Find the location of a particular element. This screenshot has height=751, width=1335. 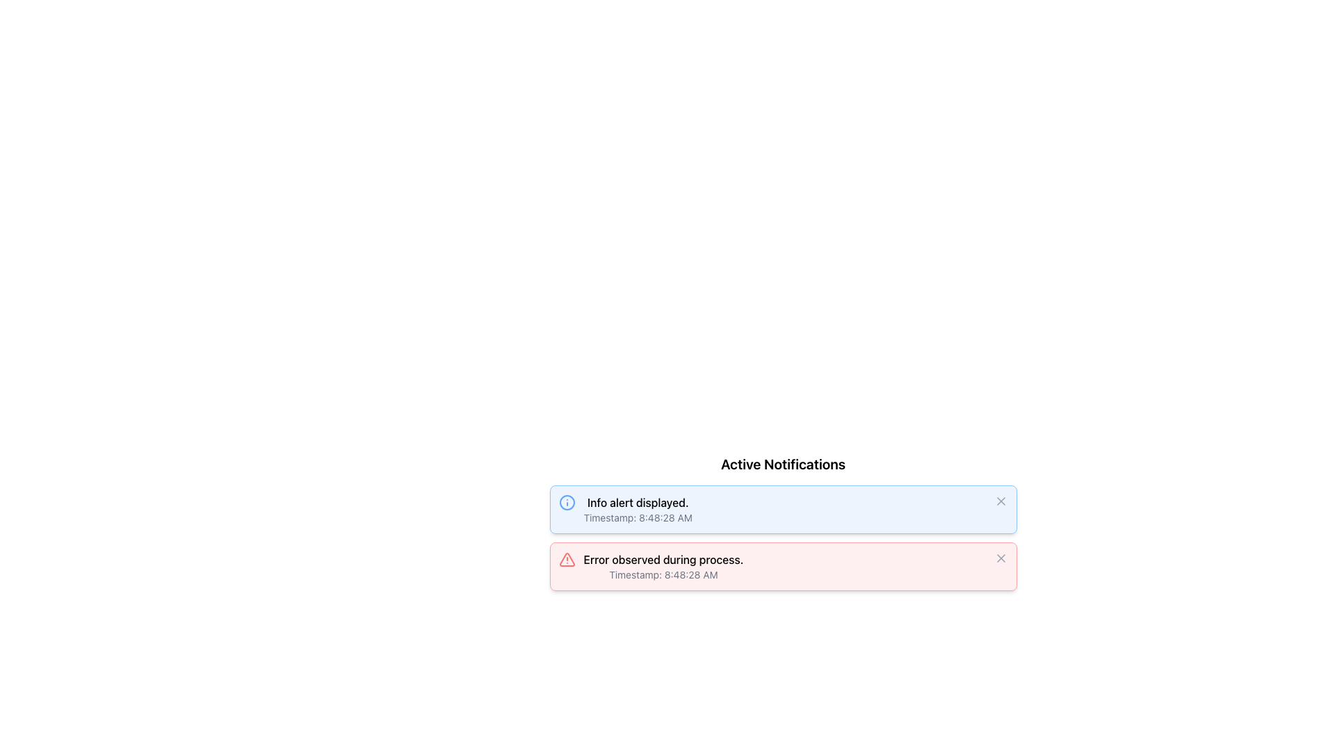

text displayed in the top notification card, which shows 'Info alert displayed.' and 'Timestamp: 8:48:28 AM' is located at coordinates (637, 509).